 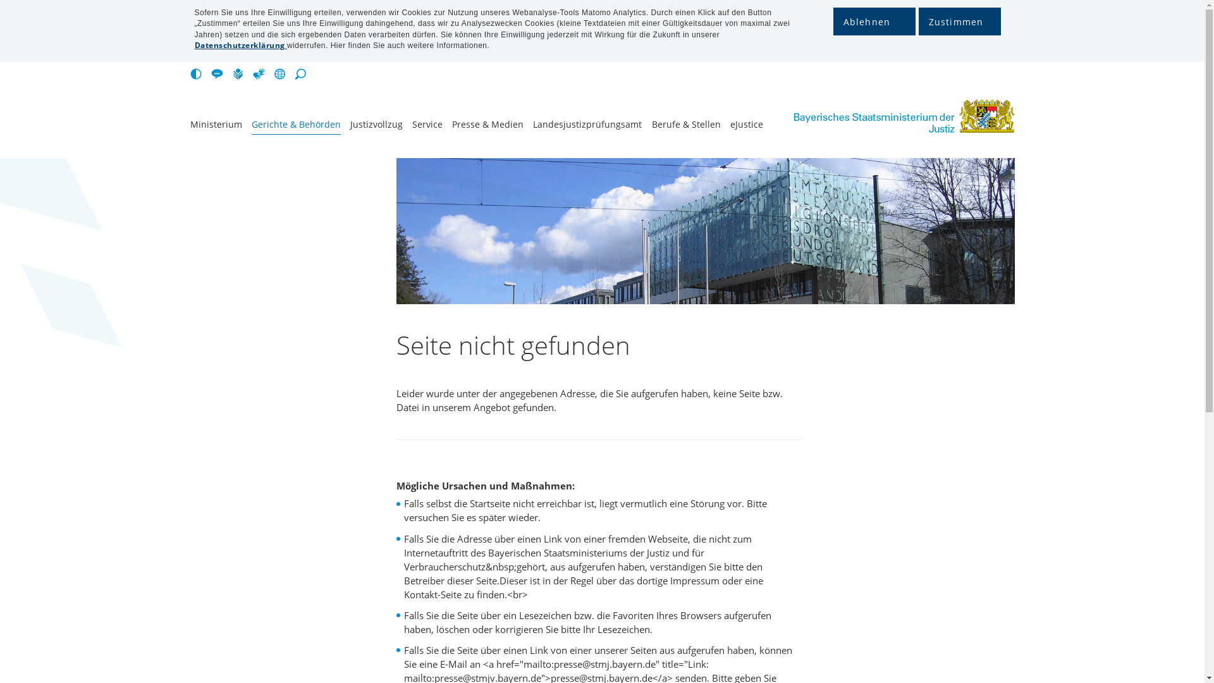 What do you see at coordinates (959, 22) in the screenshot?
I see `'Zustimmen'` at bounding box center [959, 22].